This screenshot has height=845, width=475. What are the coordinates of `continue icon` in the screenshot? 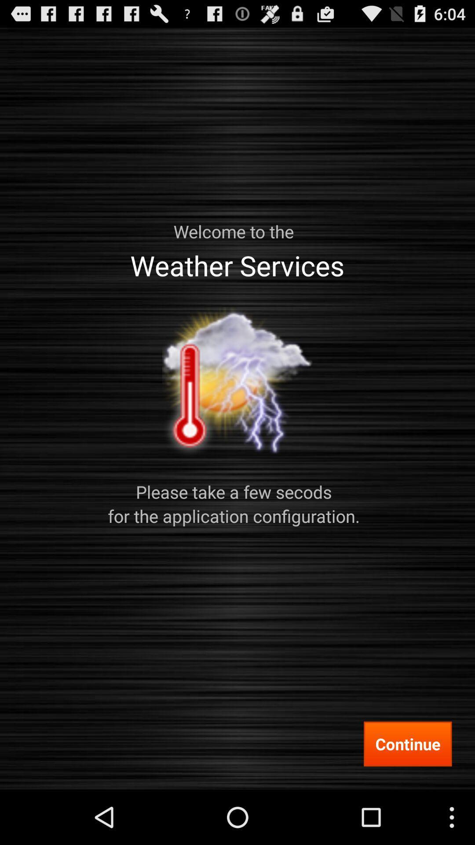 It's located at (408, 743).